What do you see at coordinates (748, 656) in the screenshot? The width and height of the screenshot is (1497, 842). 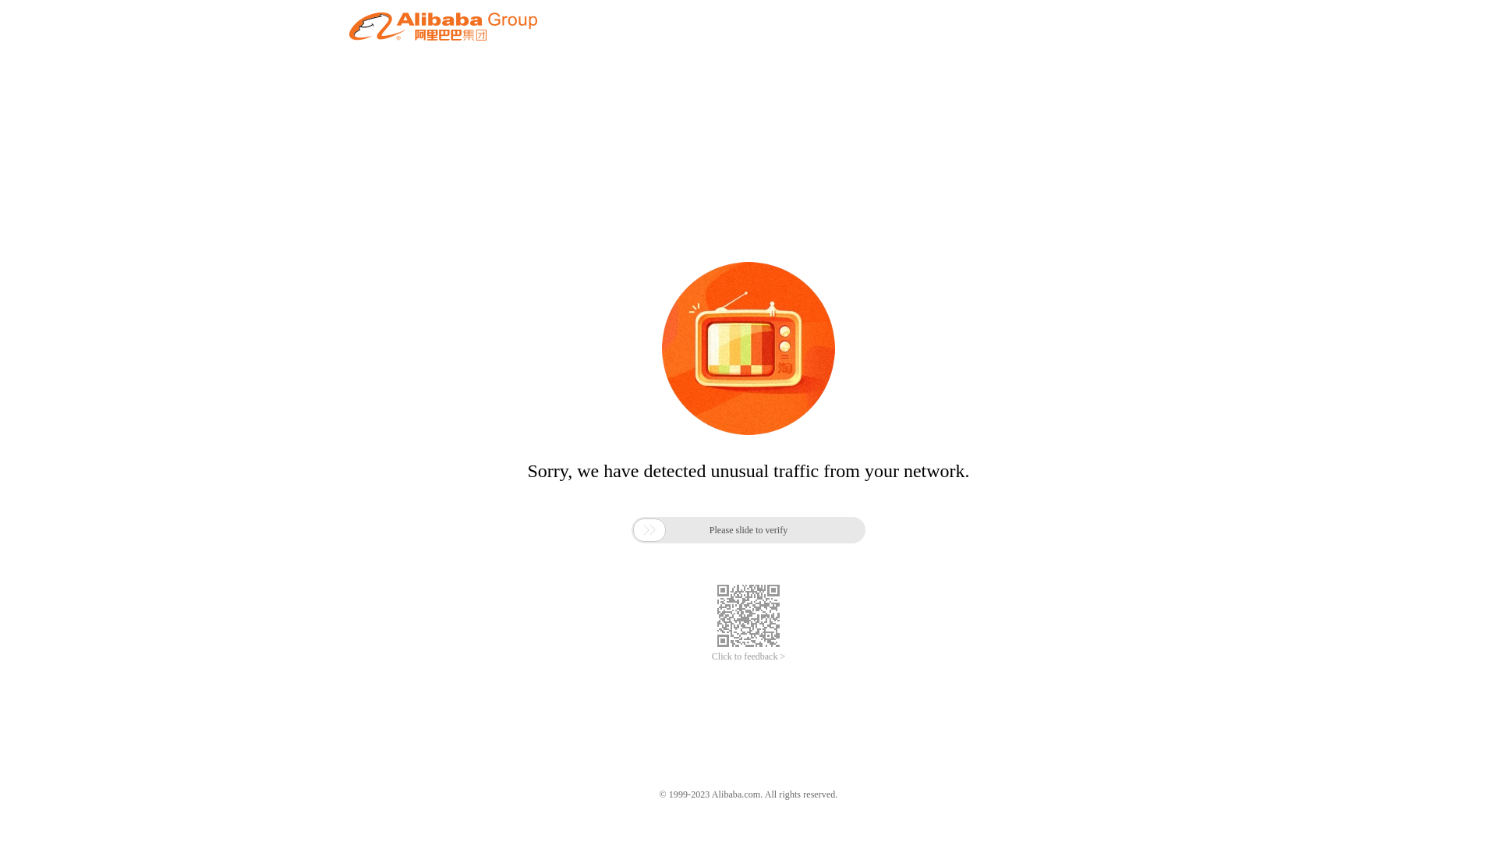 I see `'Click to feedback >'` at bounding box center [748, 656].